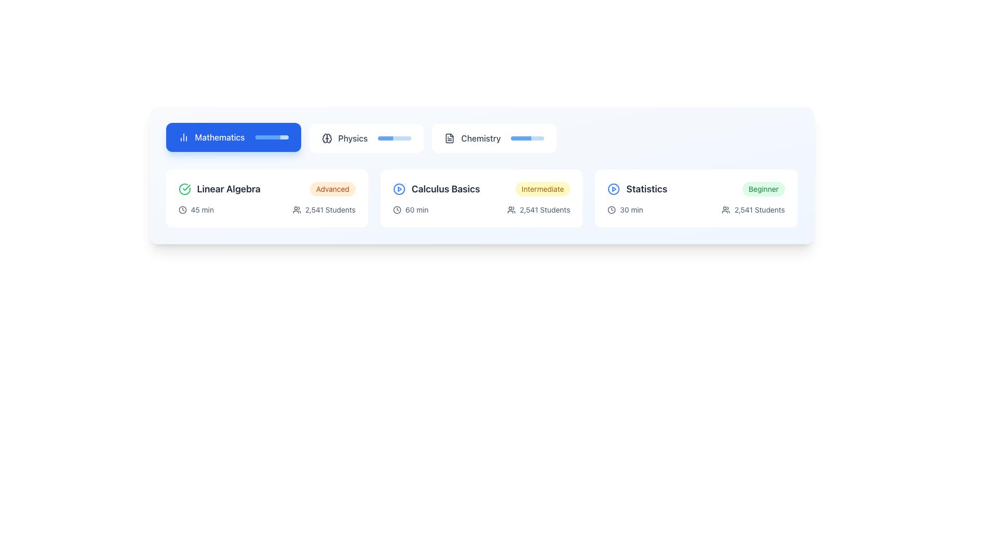  Describe the element at coordinates (182, 210) in the screenshot. I see `the circular clock icon with a thin outline located to the left of the '45 min' text, indicating the course duration in the Linear Algebra module` at that location.